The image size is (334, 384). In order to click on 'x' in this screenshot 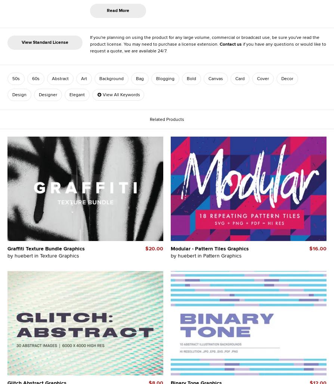, I will do `click(128, 39)`.